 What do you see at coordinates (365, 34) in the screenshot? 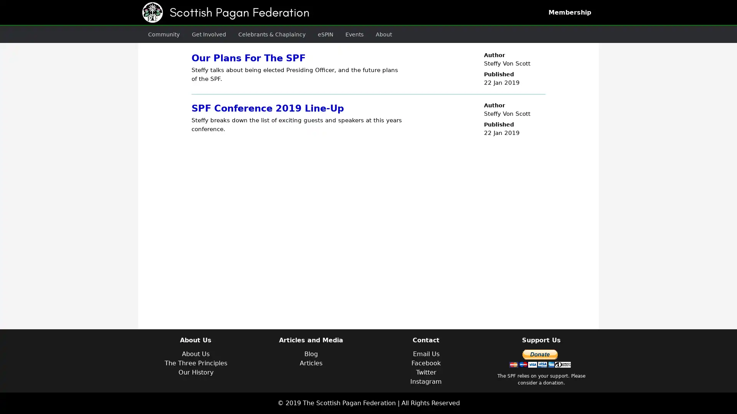
I see `About` at bounding box center [365, 34].